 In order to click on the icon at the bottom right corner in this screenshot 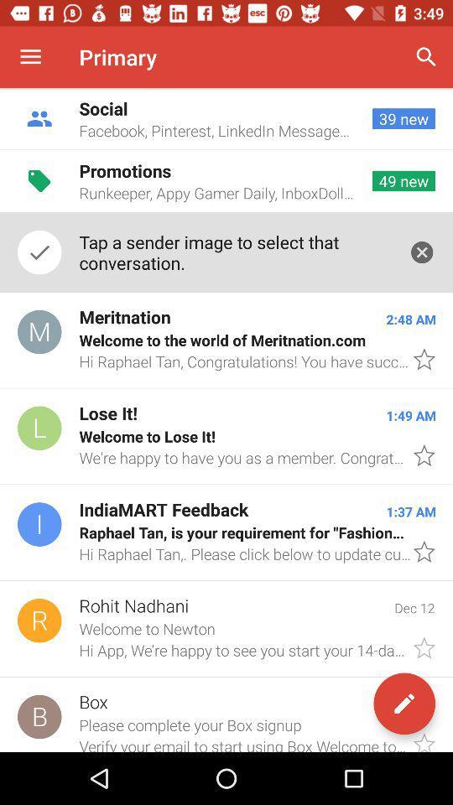, I will do `click(404, 704)`.